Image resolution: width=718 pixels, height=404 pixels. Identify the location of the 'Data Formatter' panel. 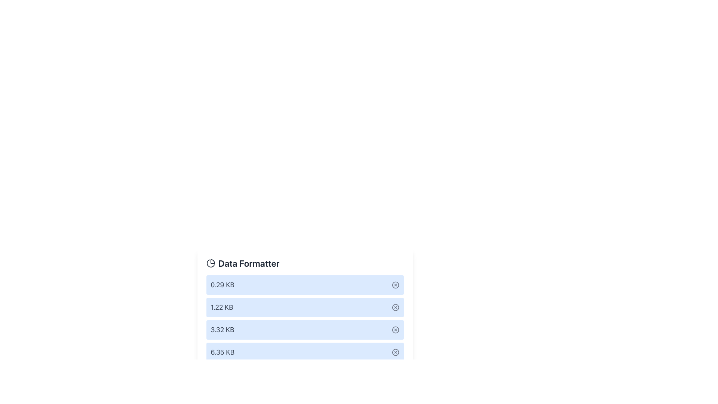
(305, 320).